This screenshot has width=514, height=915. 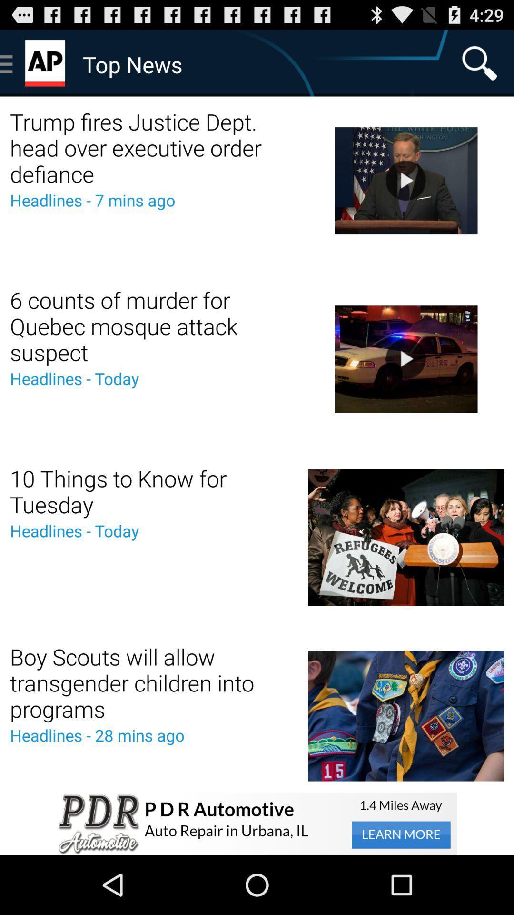 I want to click on app next to top news icon, so click(x=479, y=62).